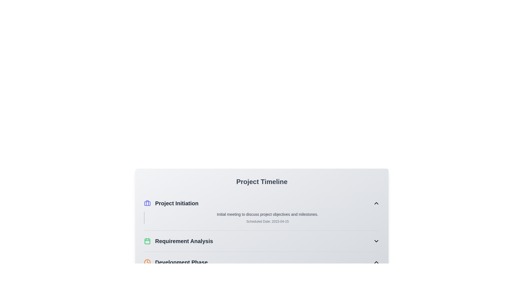 Image resolution: width=531 pixels, height=298 pixels. What do you see at coordinates (147, 262) in the screenshot?
I see `the icon that visually indicates the timing or duration related to the 'Development Phase' item in the 'Project Timeline' list, located to the left of the corresponding text` at bounding box center [147, 262].